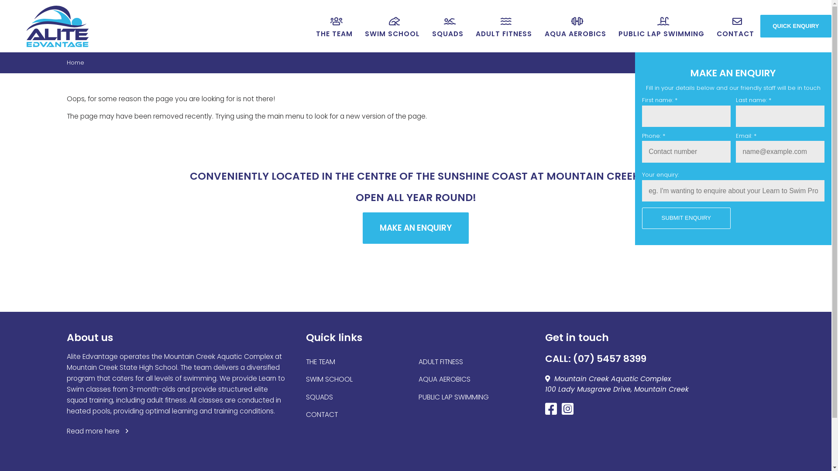  I want to click on 'CONTACT', so click(321, 414).